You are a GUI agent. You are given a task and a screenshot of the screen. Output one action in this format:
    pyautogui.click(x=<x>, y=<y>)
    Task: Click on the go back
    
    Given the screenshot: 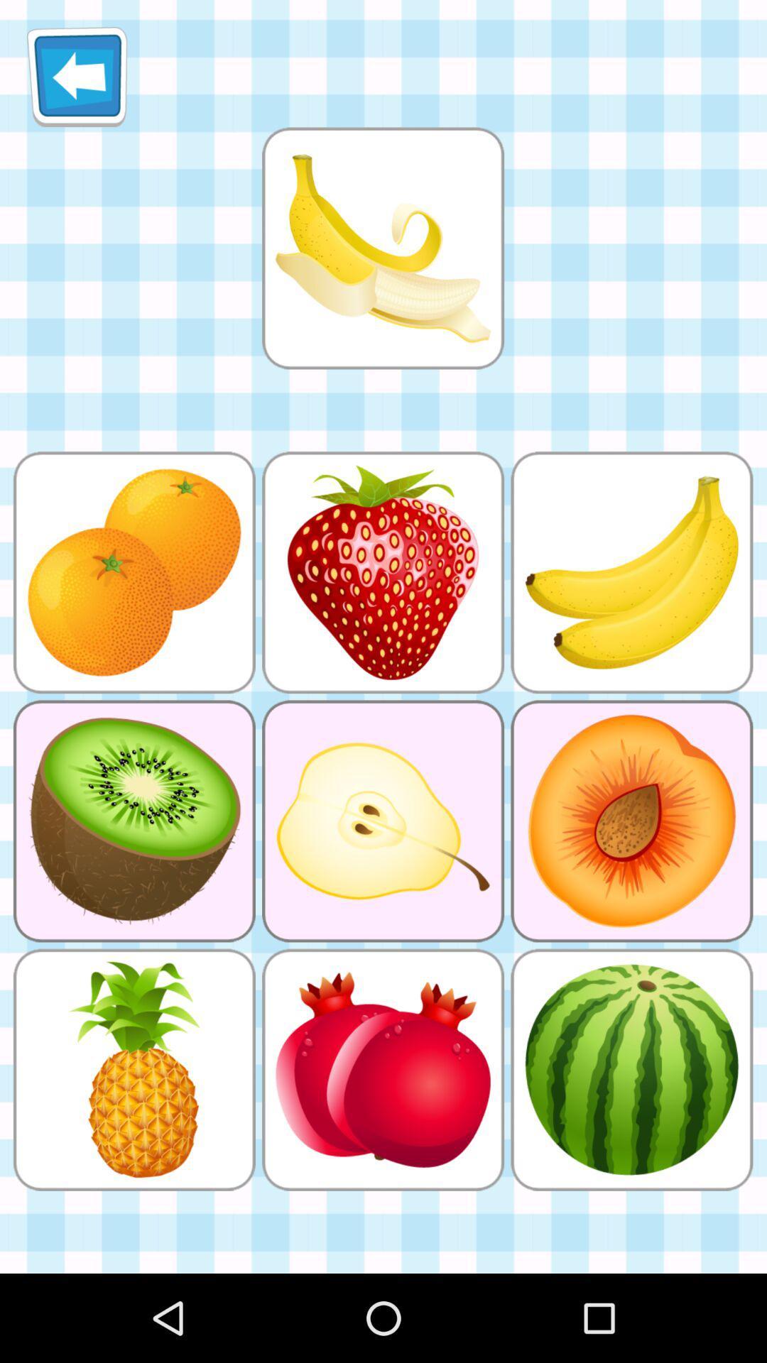 What is the action you would take?
    pyautogui.click(x=77, y=76)
    